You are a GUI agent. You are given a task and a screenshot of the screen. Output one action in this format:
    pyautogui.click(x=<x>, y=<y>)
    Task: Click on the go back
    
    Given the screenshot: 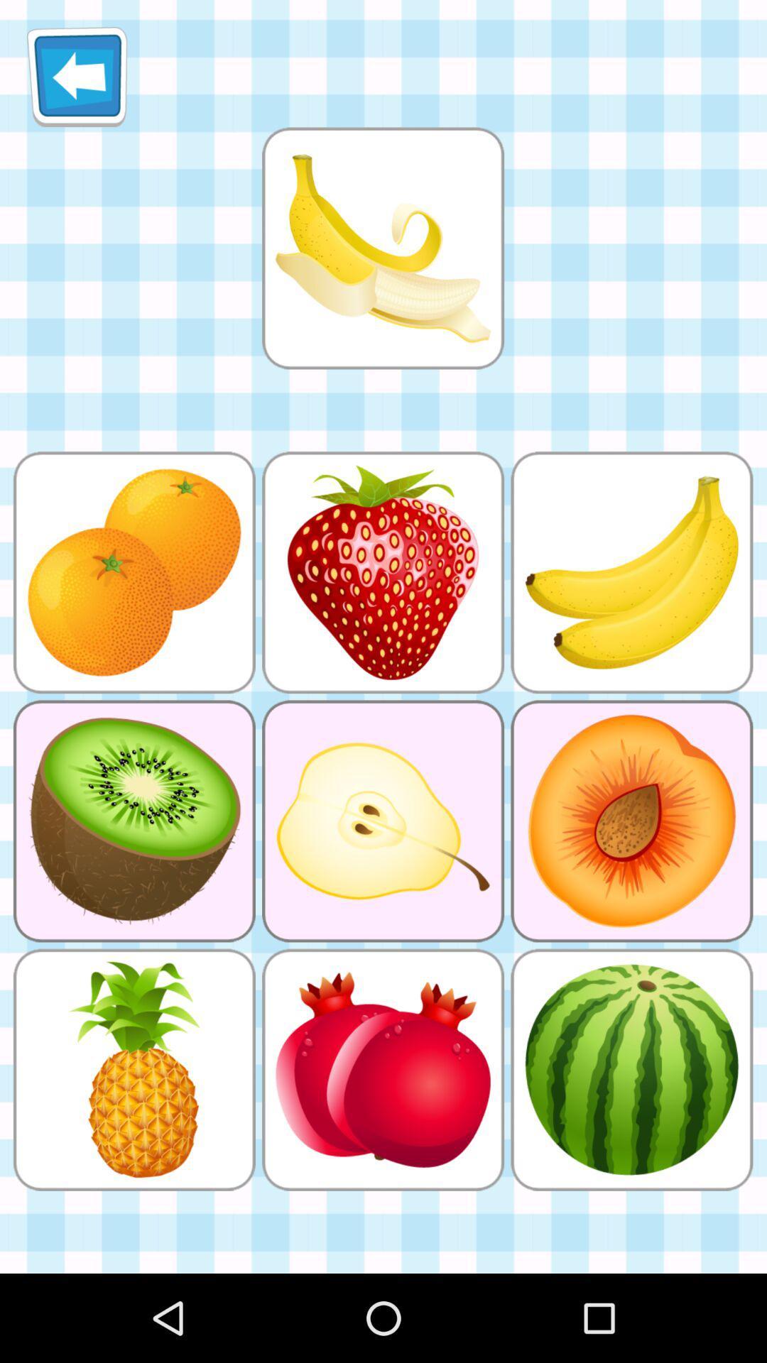 What is the action you would take?
    pyautogui.click(x=77, y=76)
    